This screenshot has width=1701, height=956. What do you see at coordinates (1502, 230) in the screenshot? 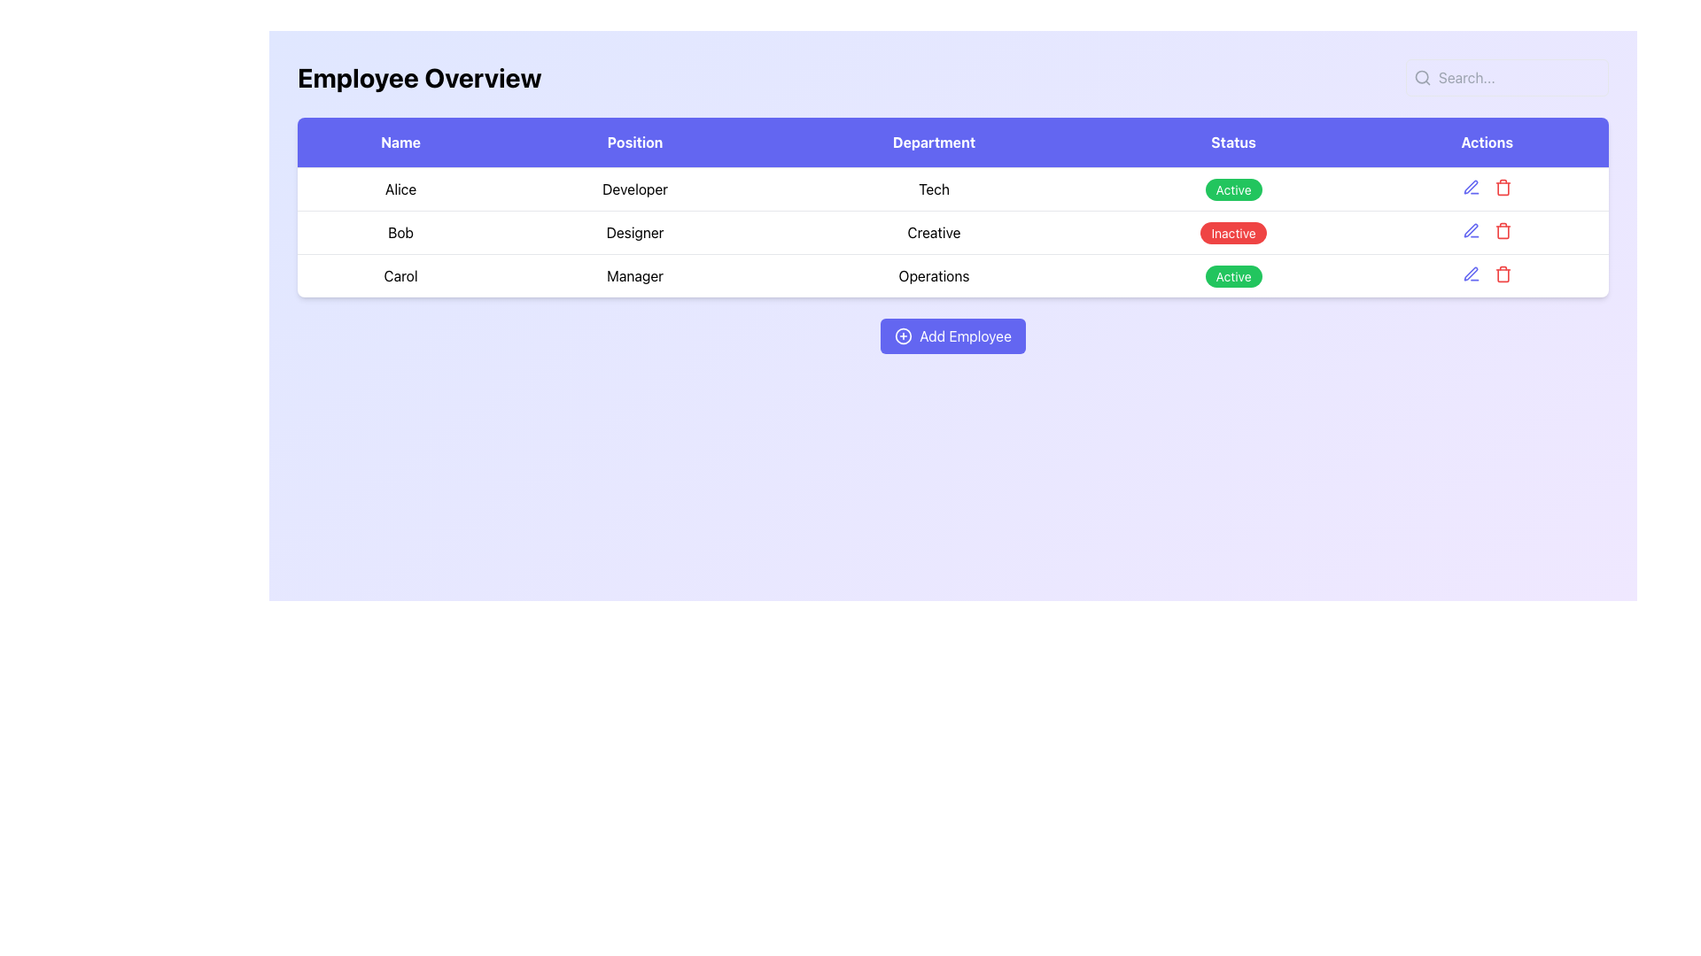
I see `the red-colored trash can icon for deletion located in the 'Actions' column of the second row item 'Bob' to observe additional visual feedback` at bounding box center [1502, 230].